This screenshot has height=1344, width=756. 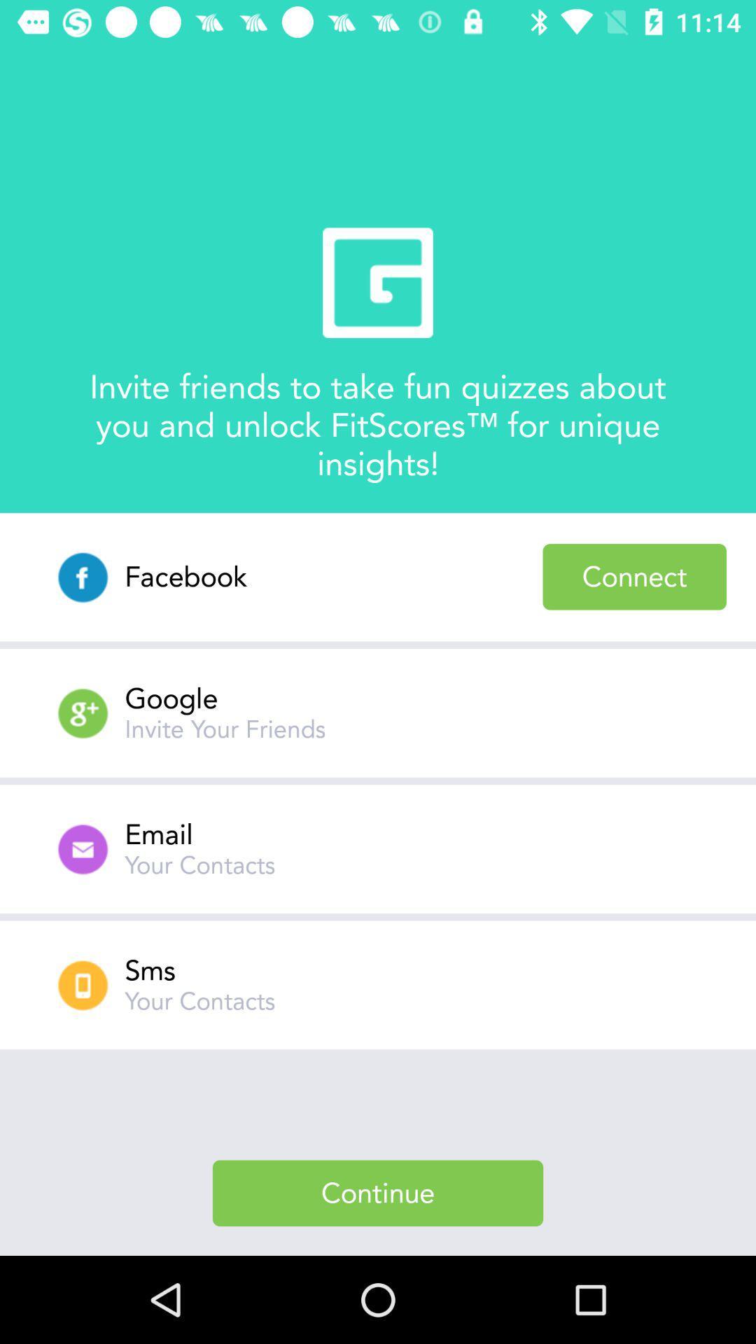 I want to click on item to the right of facebook, so click(x=634, y=577).